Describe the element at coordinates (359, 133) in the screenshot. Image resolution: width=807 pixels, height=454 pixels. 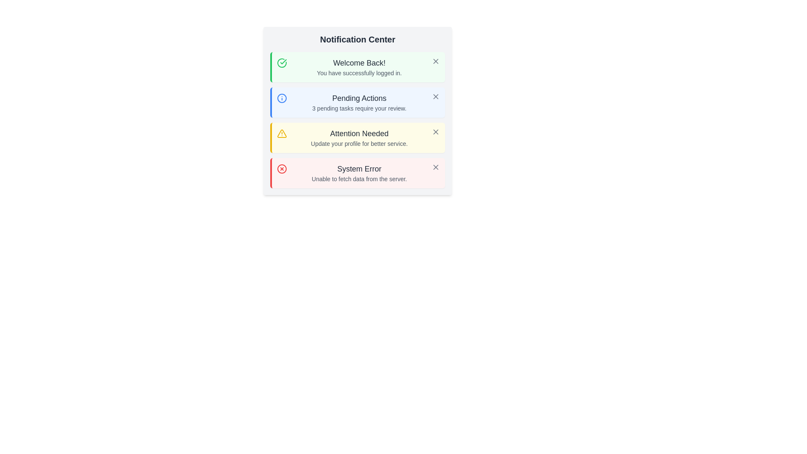
I see `text label 'Attention Needed' located in the third notification box of the 'Notification Center' panel, which is prominently styled in bold and dark gray color` at that location.